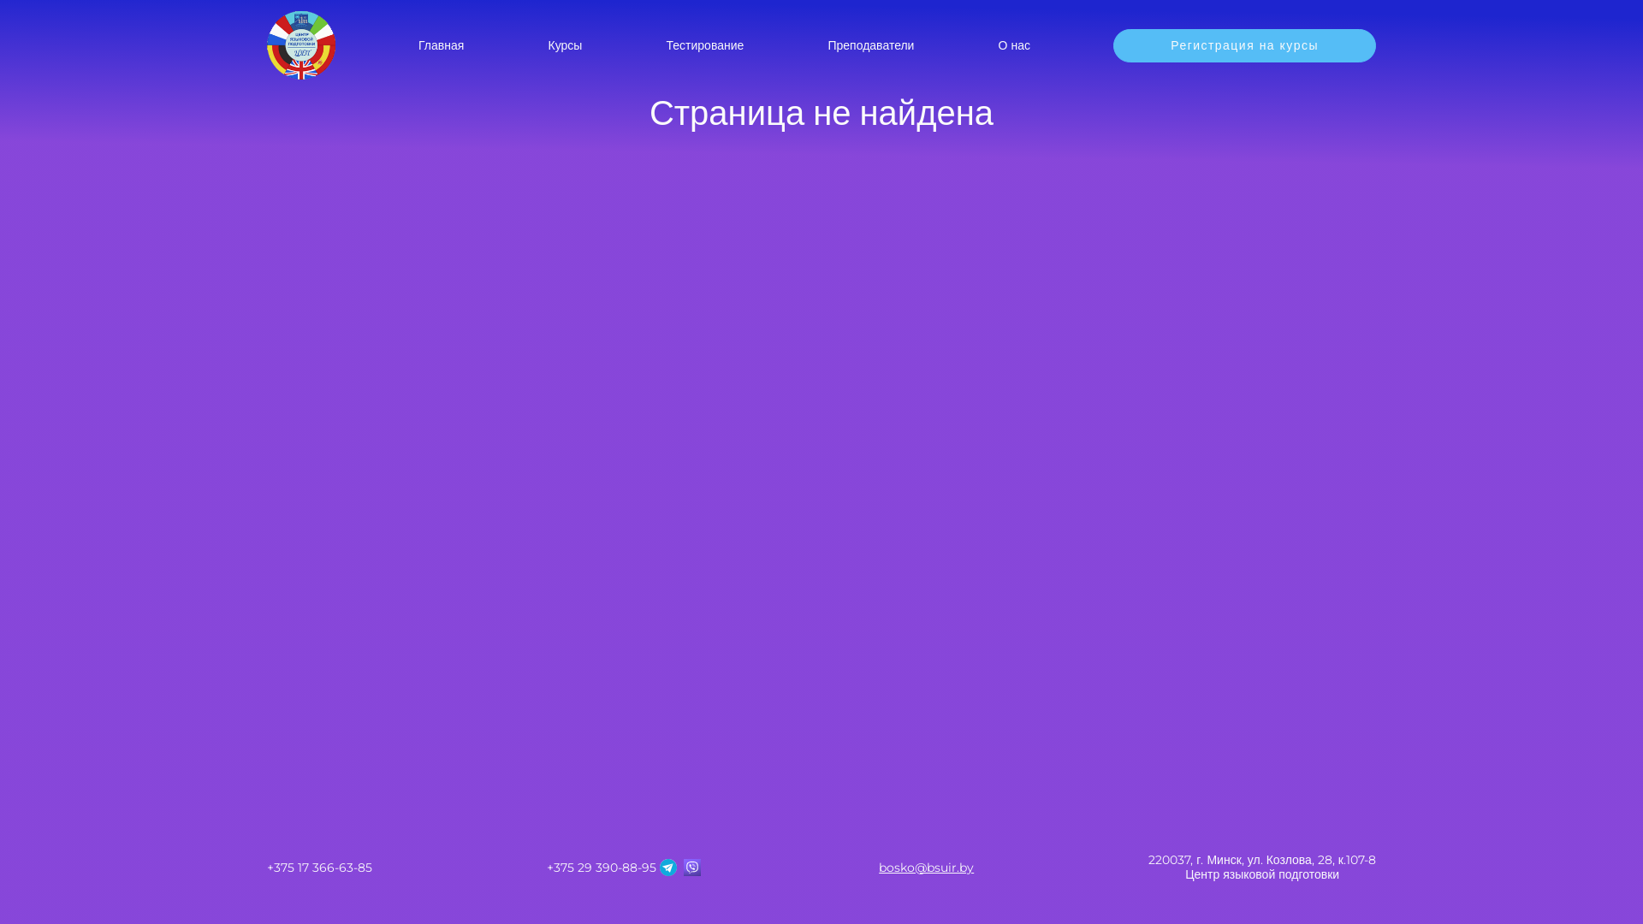 This screenshot has width=1643, height=924. What do you see at coordinates (879, 868) in the screenshot?
I see `'bosko@bsuir.by'` at bounding box center [879, 868].